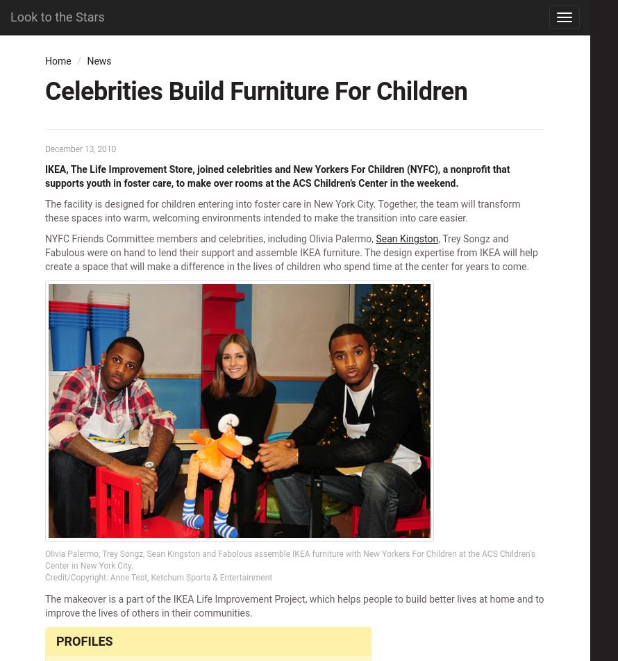  What do you see at coordinates (289, 560) in the screenshot?
I see `'Olivia Palermo, Trey Songz, Sean Kingston and Fabolous assemble IKEA furniture with New Yorkers For Children at the ACS Children's Center in New York City.'` at bounding box center [289, 560].